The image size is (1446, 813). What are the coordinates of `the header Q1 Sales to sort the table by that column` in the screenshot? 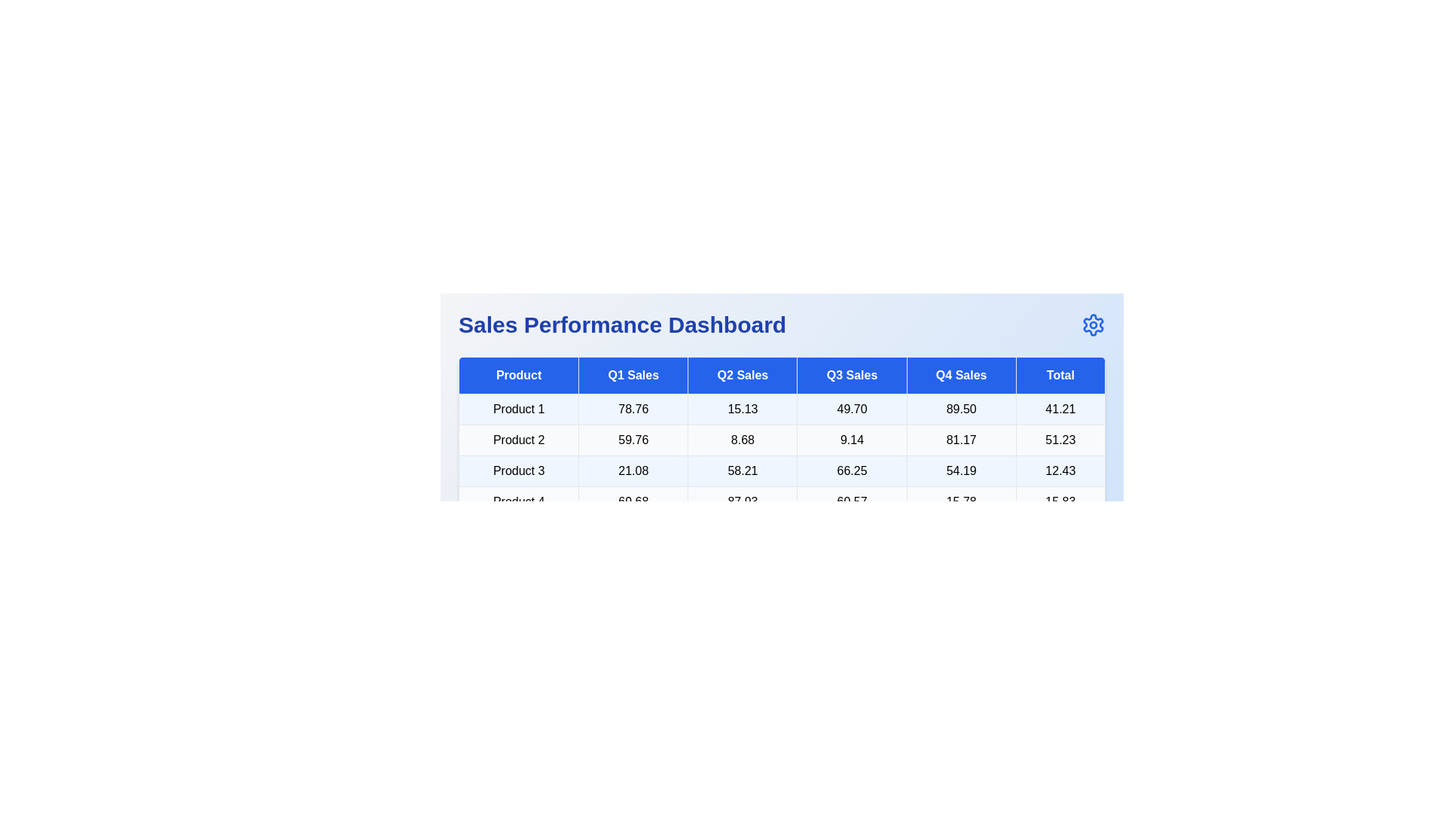 It's located at (633, 374).